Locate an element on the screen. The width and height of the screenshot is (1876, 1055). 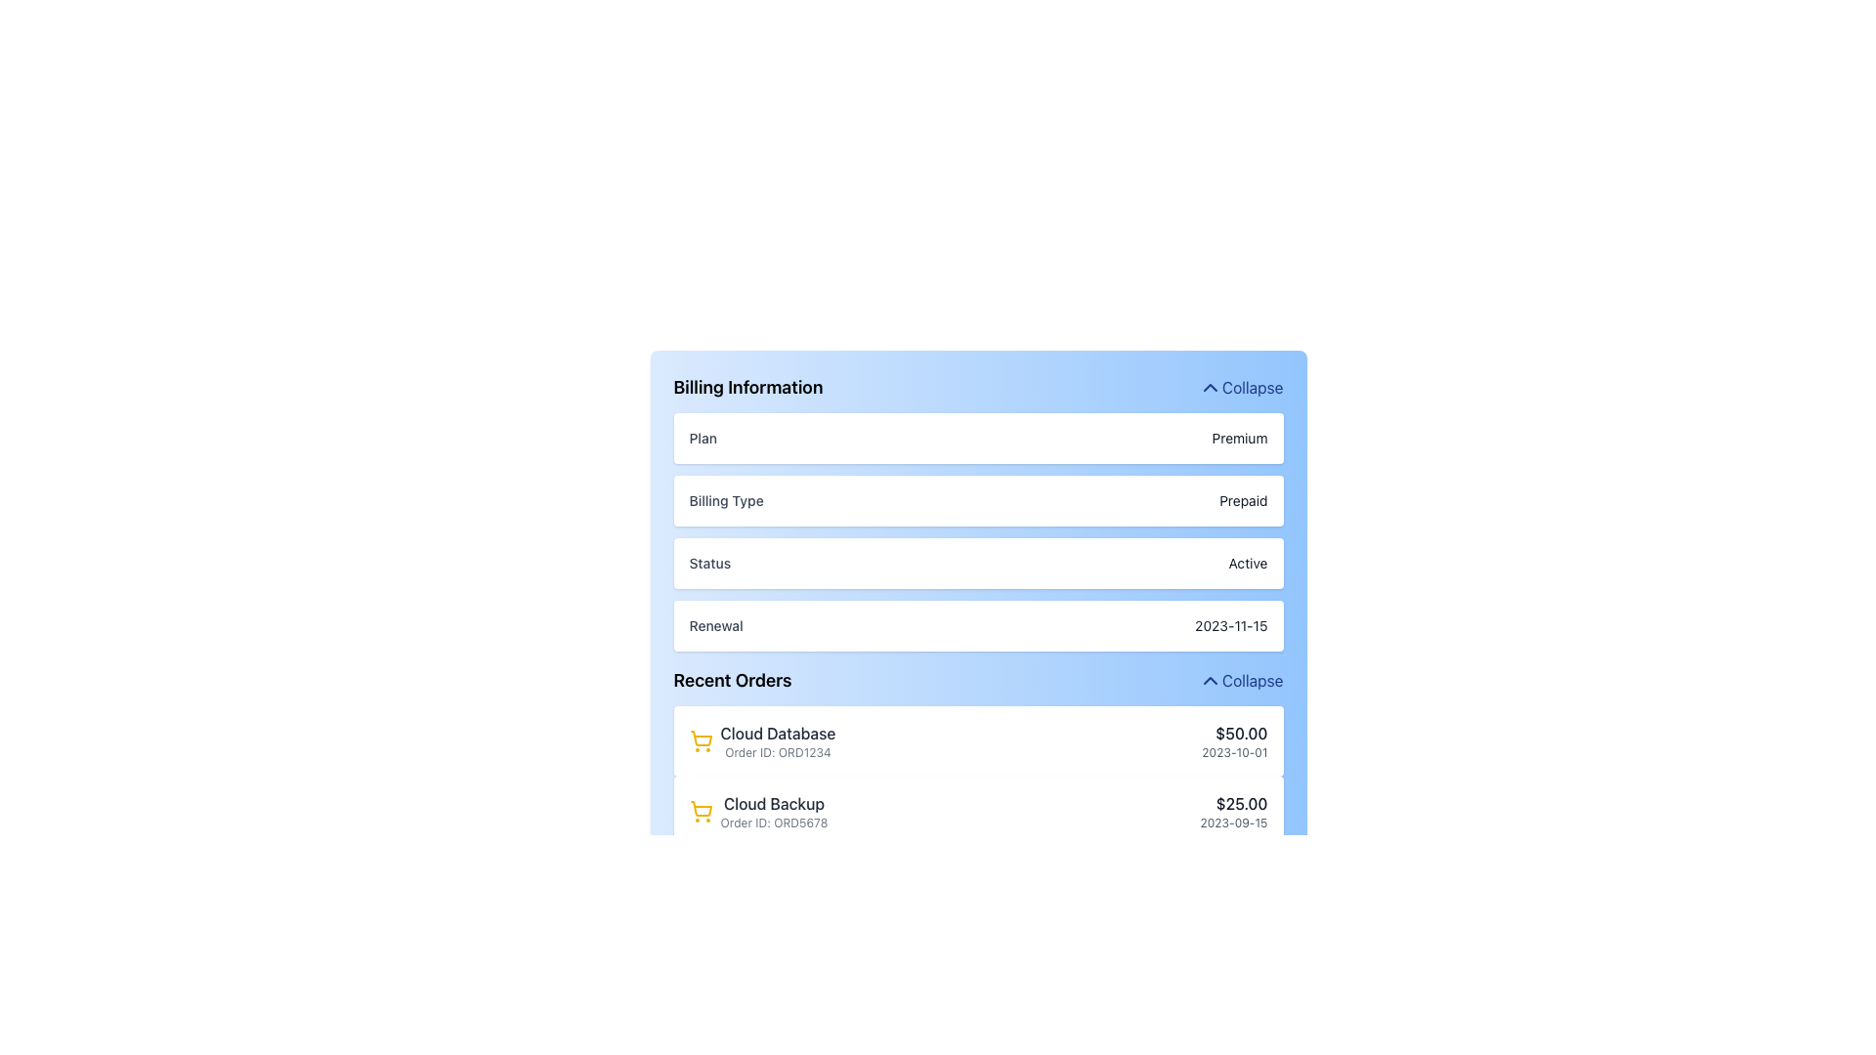
text contained in the TextLabel located in the lower-right corner of the 'Recent Orders' section within the 'Cloud Backup' column is located at coordinates (1232, 811).